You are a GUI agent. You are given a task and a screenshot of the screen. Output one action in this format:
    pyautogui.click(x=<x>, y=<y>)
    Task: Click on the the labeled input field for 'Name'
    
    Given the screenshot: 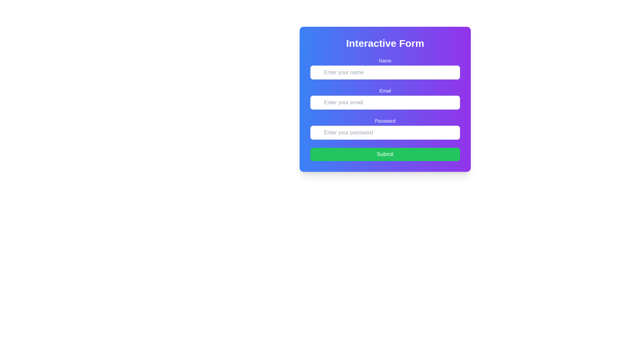 What is the action you would take?
    pyautogui.click(x=385, y=68)
    